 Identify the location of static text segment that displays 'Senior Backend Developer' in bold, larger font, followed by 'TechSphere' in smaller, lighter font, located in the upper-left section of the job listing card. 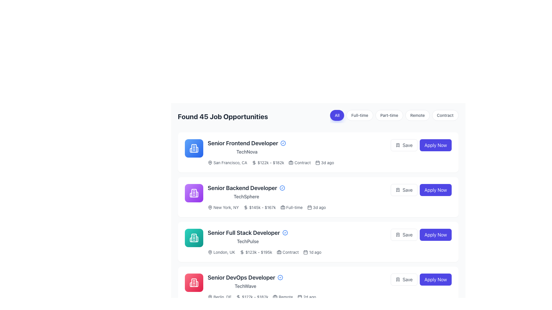
(246, 192).